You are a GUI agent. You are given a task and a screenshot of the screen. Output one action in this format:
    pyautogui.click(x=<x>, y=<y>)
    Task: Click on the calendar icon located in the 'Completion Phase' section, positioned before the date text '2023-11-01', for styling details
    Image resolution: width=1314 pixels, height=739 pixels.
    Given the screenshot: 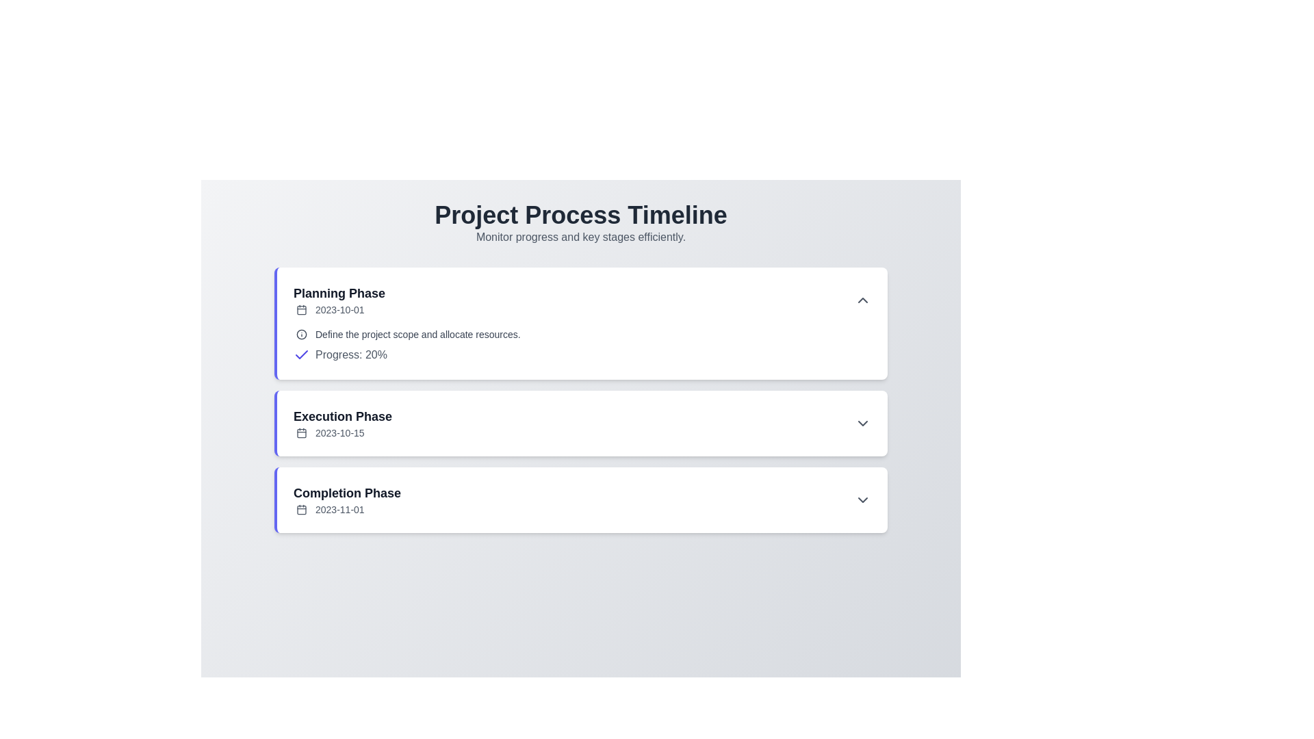 What is the action you would take?
    pyautogui.click(x=301, y=509)
    